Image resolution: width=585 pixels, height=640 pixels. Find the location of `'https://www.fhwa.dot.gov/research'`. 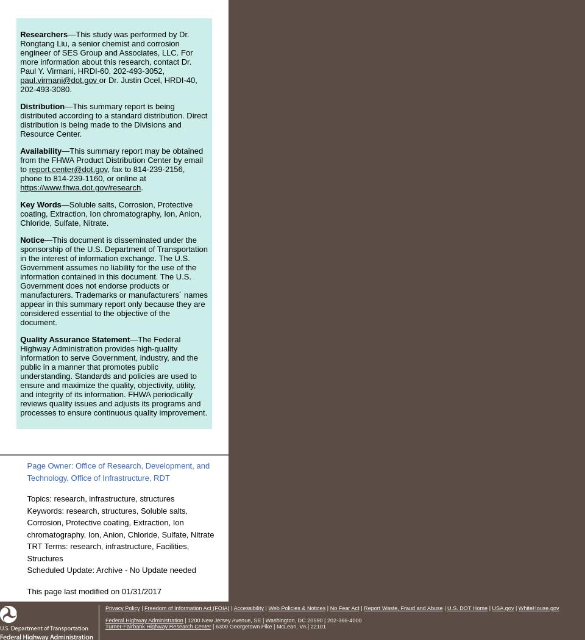

'https://www.fhwa.dot.gov/research' is located at coordinates (80, 187).